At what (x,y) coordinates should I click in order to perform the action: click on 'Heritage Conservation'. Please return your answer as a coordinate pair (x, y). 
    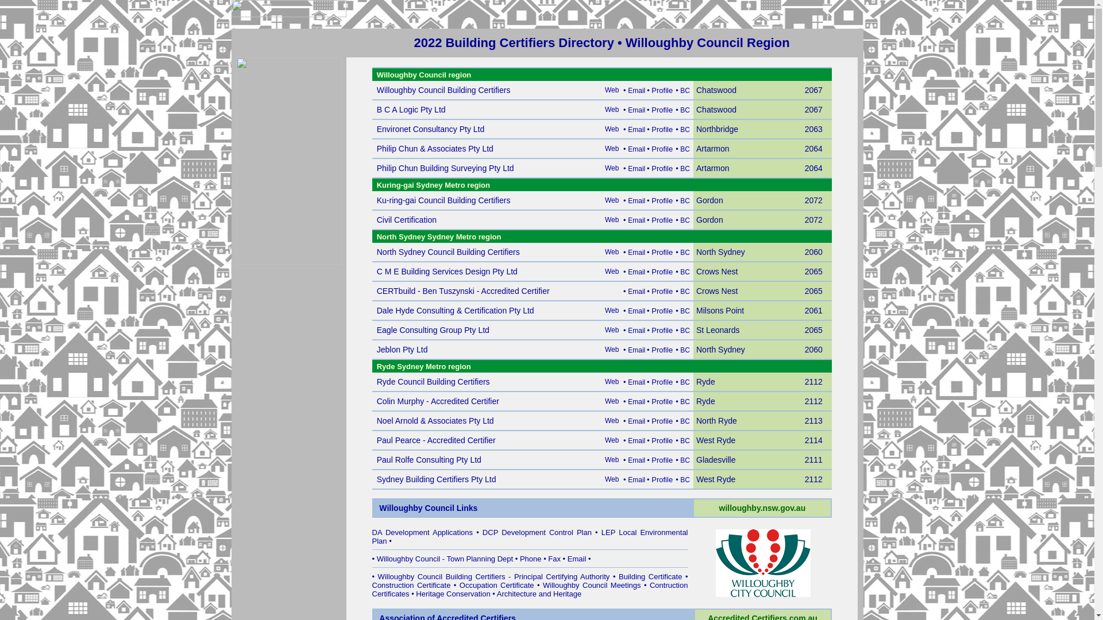
    Looking at the image, I should click on (452, 594).